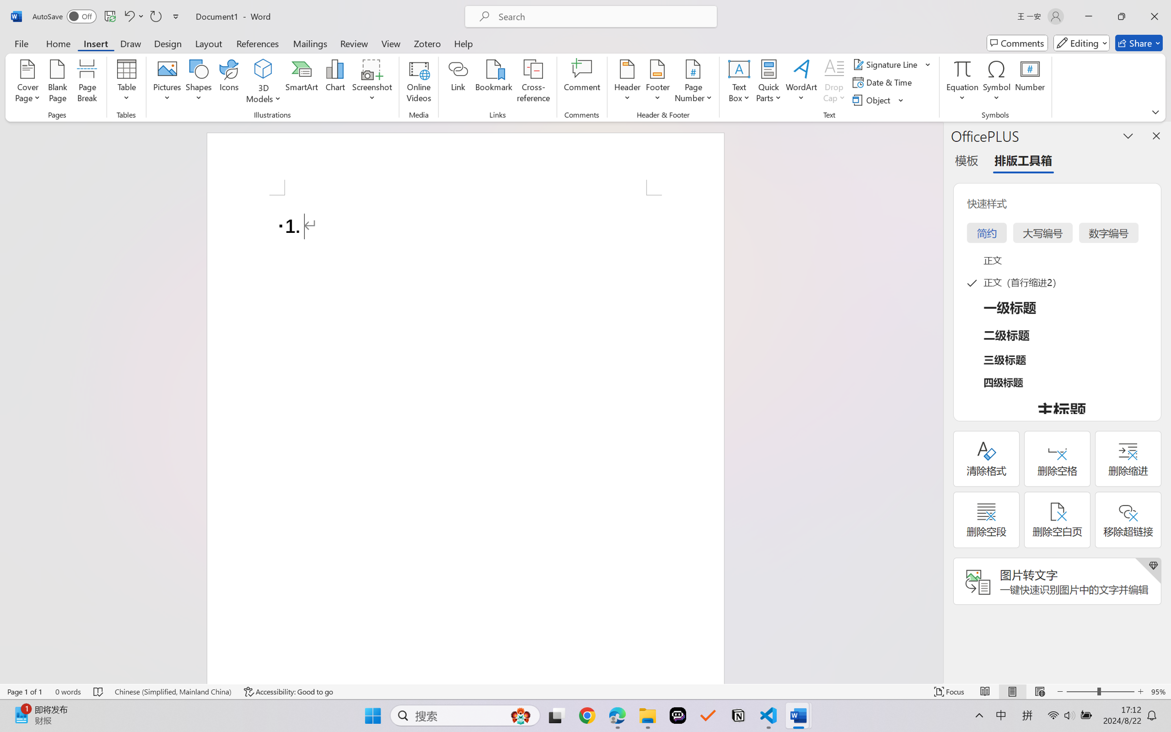 The width and height of the screenshot is (1171, 732). Describe the element at coordinates (302, 82) in the screenshot. I see `'SmartArt...'` at that location.